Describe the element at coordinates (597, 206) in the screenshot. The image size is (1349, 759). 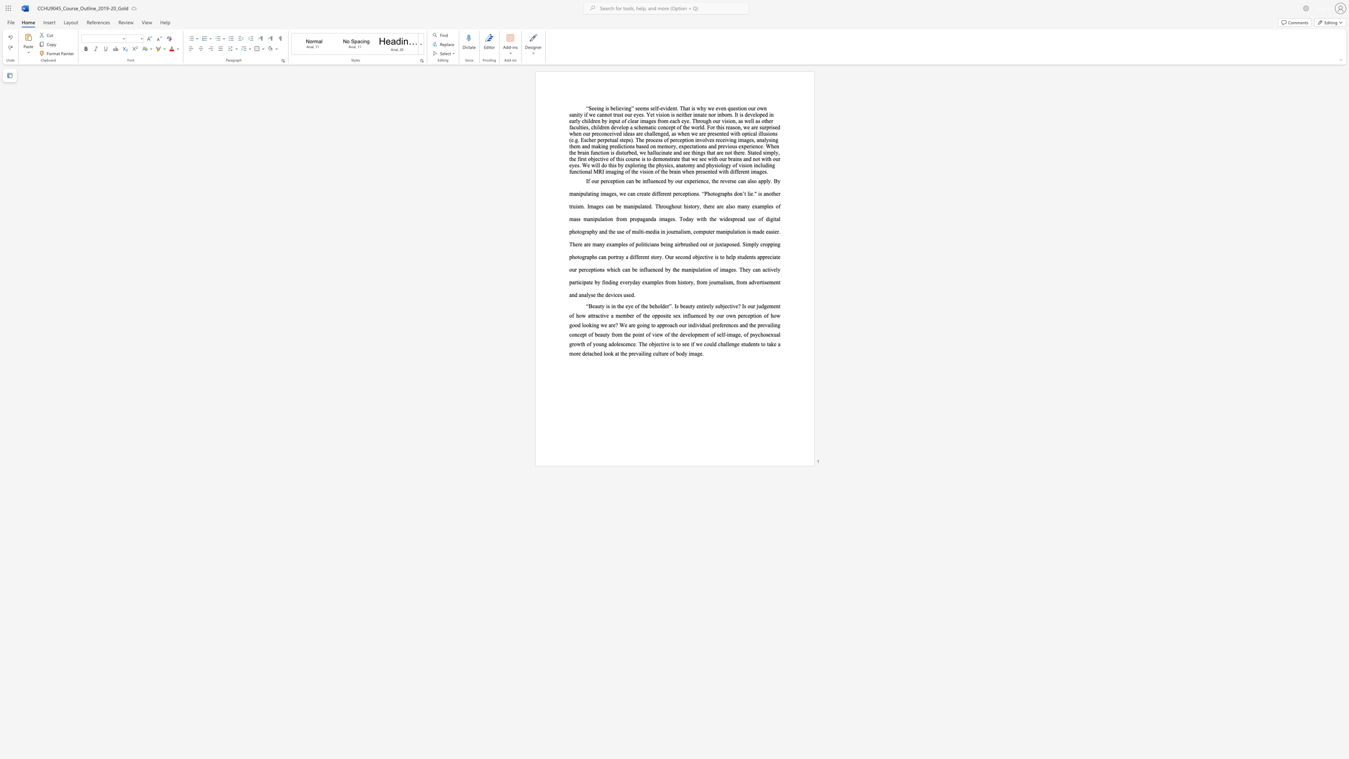
I see `the 4th character "g" in the text` at that location.